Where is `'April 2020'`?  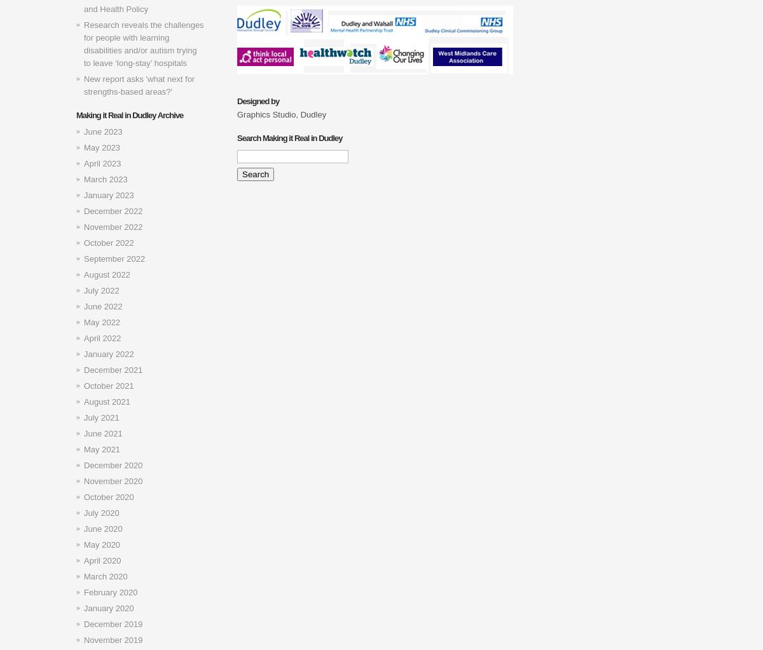
'April 2020' is located at coordinates (102, 560).